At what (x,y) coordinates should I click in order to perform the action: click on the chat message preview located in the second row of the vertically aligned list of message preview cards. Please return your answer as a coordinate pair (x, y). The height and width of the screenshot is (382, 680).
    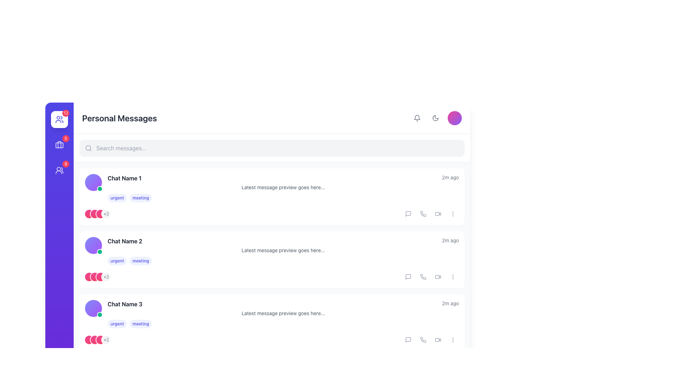
    Looking at the image, I should click on (283, 250).